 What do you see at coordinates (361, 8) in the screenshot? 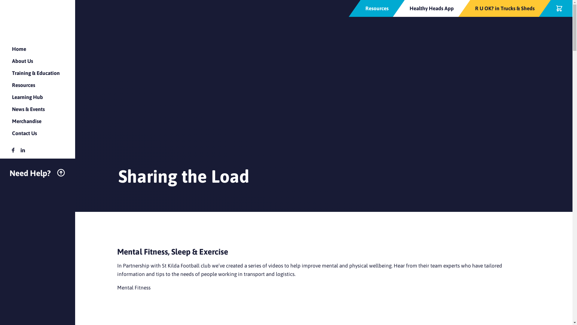
I see `'Resources'` at bounding box center [361, 8].